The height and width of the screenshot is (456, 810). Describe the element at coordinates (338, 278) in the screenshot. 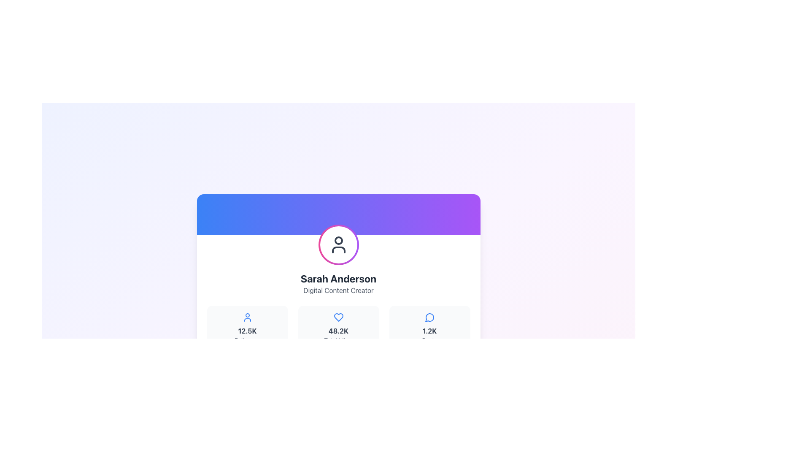

I see `the text label displaying 'Sarah Anderson', which is centrally aligned below the person icon in the profile card` at that location.